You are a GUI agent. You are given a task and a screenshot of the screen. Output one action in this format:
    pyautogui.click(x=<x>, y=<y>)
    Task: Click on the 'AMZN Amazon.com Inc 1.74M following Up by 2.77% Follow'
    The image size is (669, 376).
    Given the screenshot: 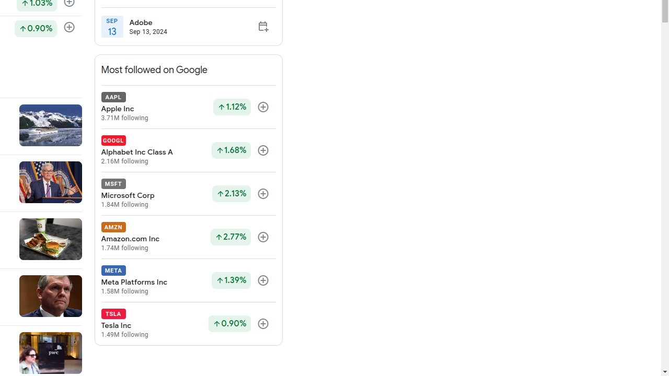 What is the action you would take?
    pyautogui.click(x=188, y=237)
    